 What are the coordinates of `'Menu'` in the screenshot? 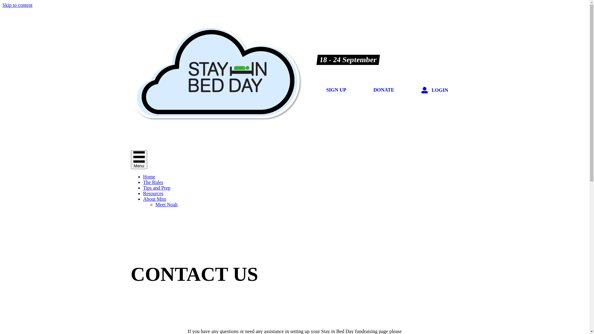 It's located at (138, 159).